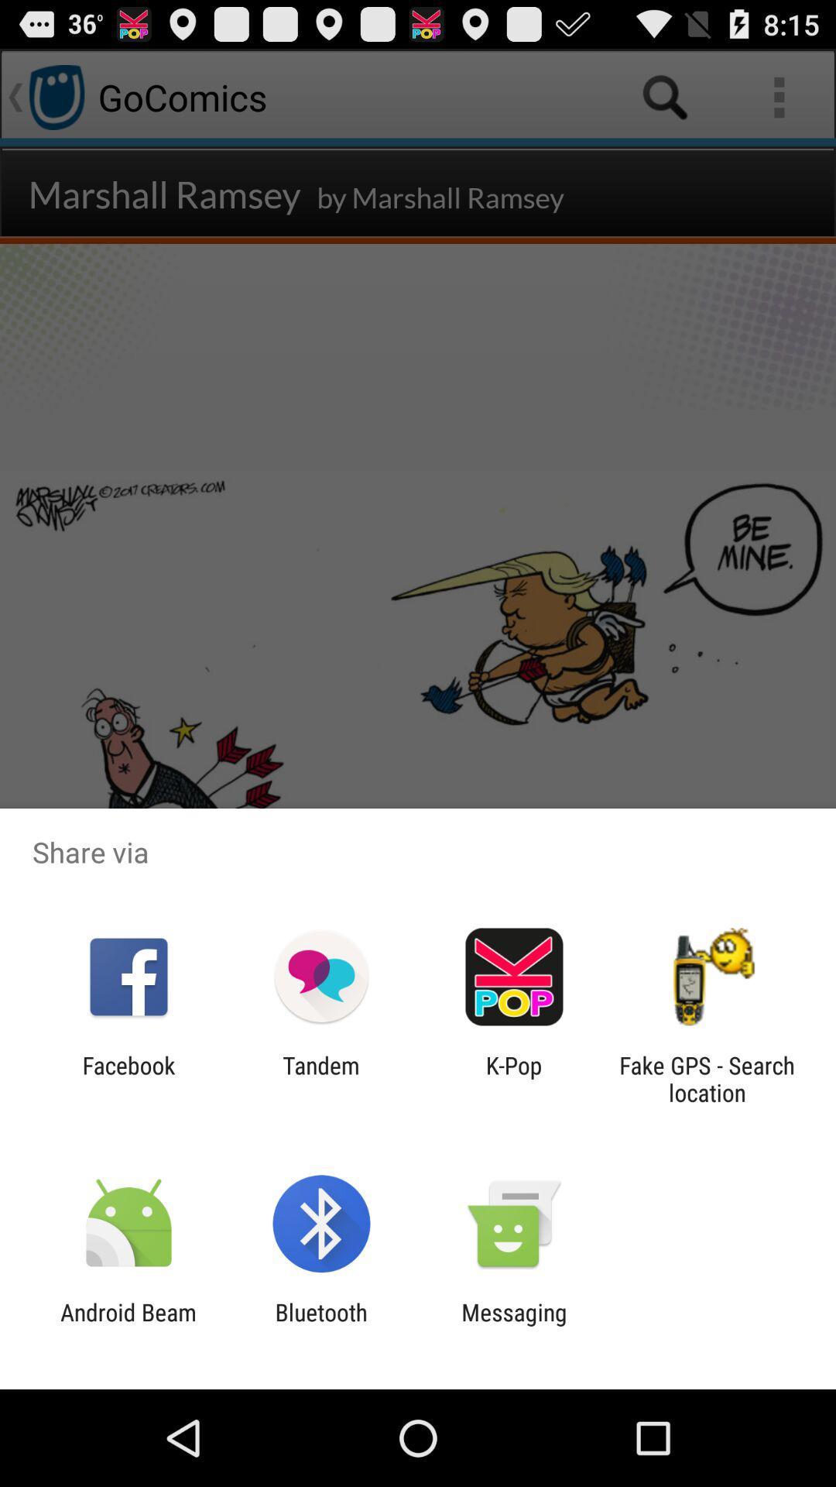  What do you see at coordinates (128, 1078) in the screenshot?
I see `facebook item` at bounding box center [128, 1078].